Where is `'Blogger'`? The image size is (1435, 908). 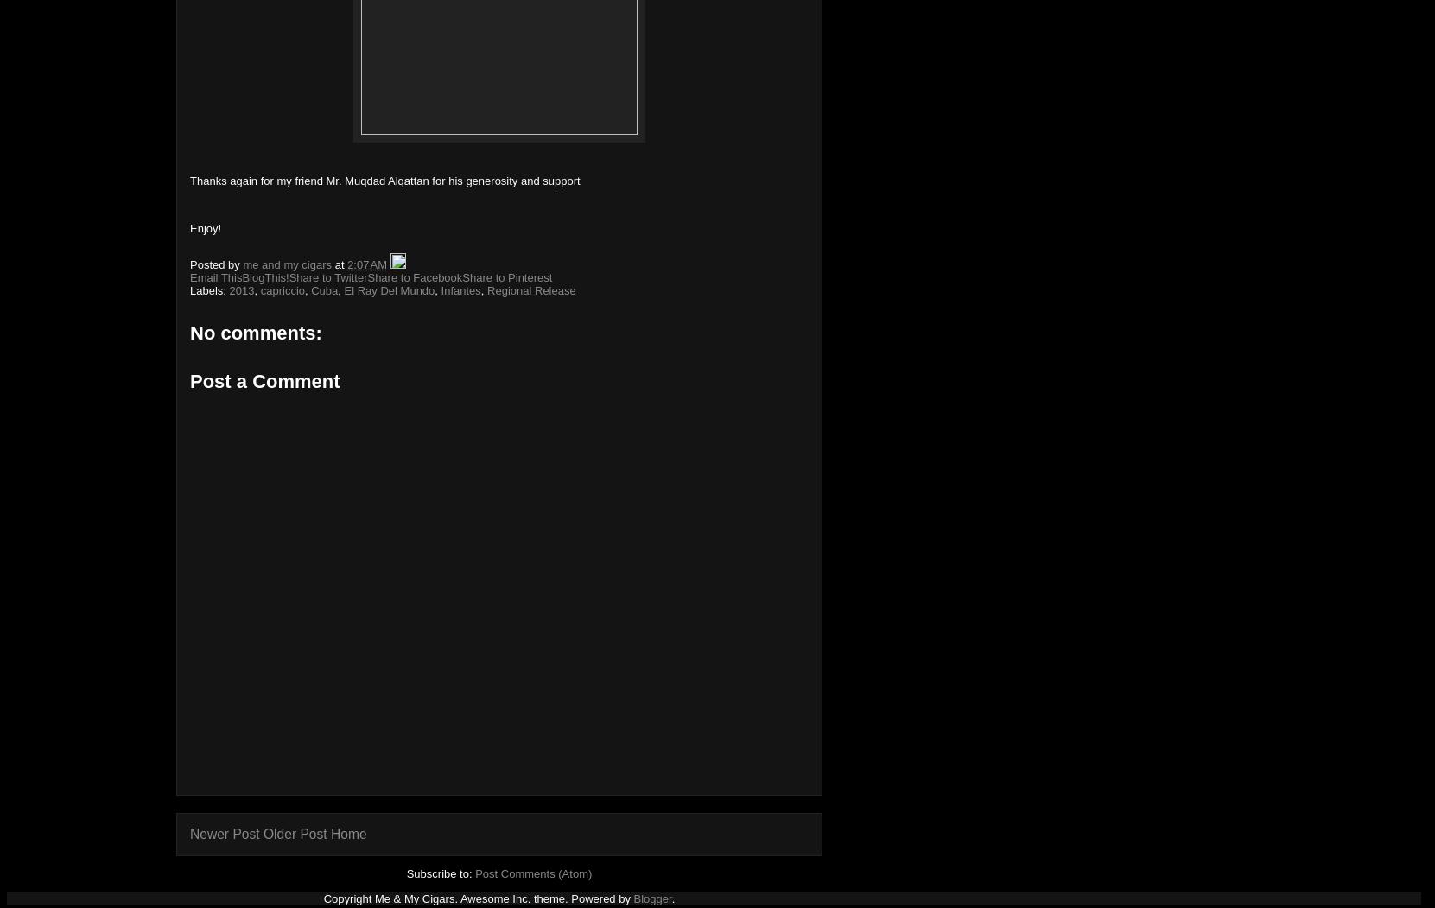 'Blogger' is located at coordinates (632, 897).